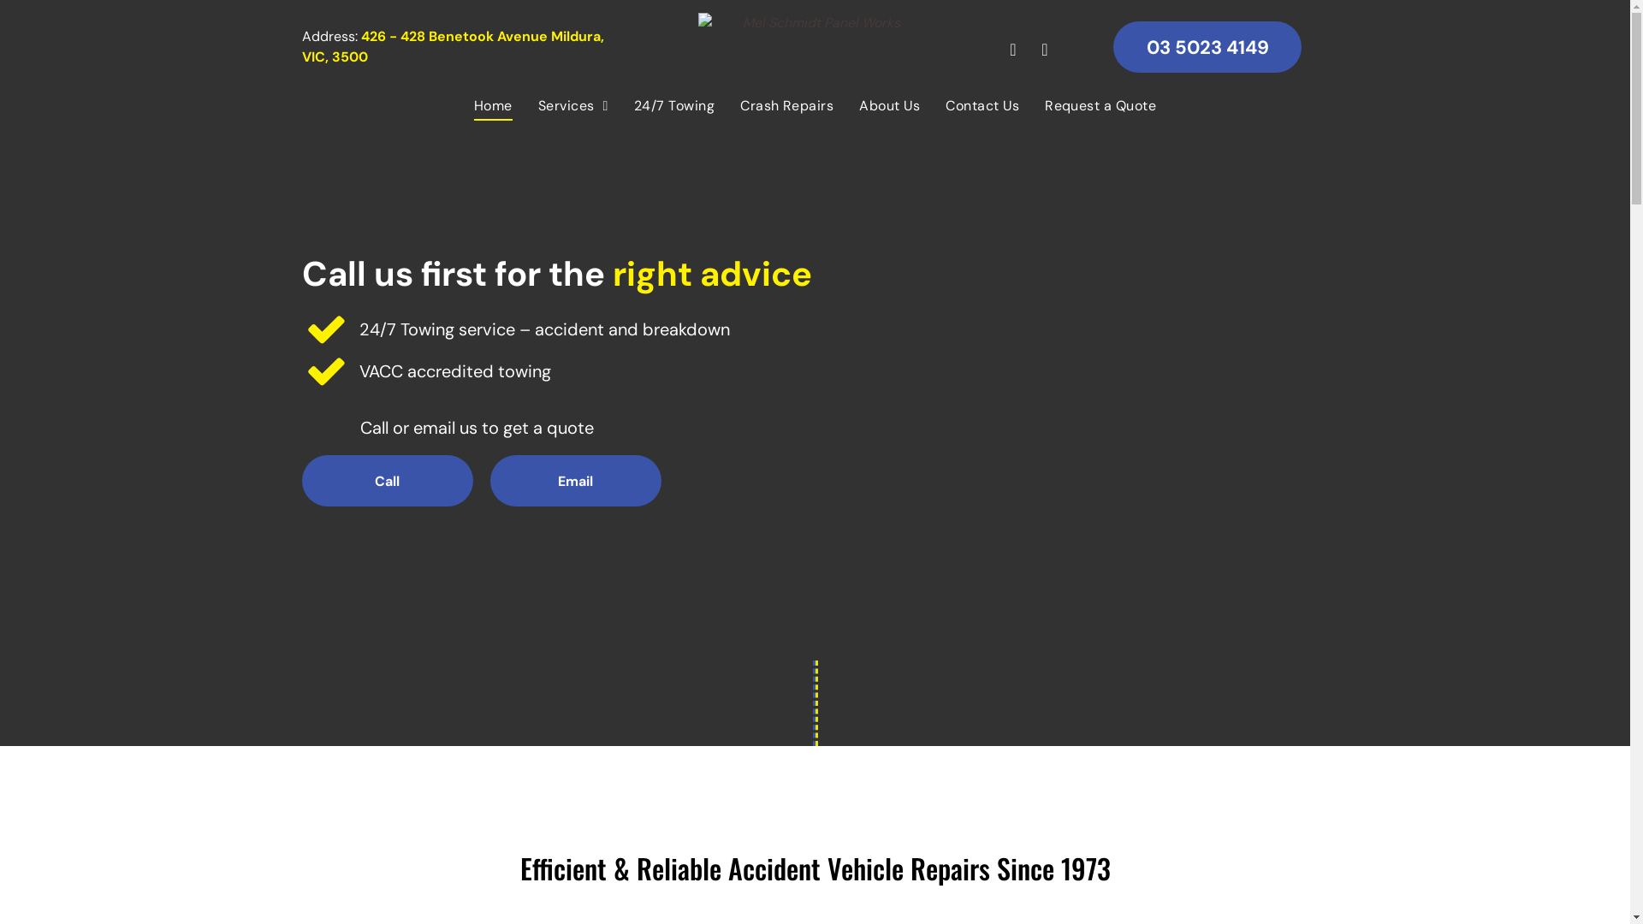 This screenshot has height=924, width=1643. I want to click on 'Mel Schmidt Panel Works', so click(813, 42).